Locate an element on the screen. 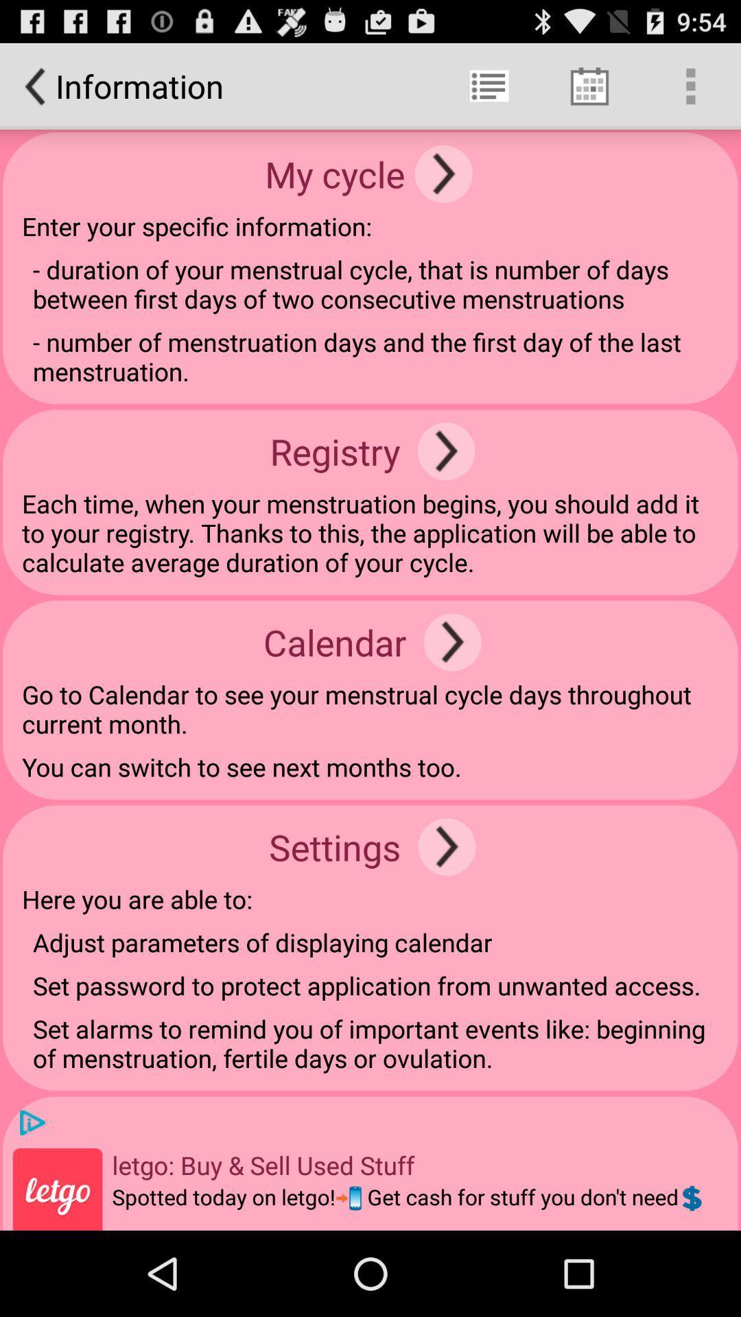  icon above the duration of your app is located at coordinates (443, 173).